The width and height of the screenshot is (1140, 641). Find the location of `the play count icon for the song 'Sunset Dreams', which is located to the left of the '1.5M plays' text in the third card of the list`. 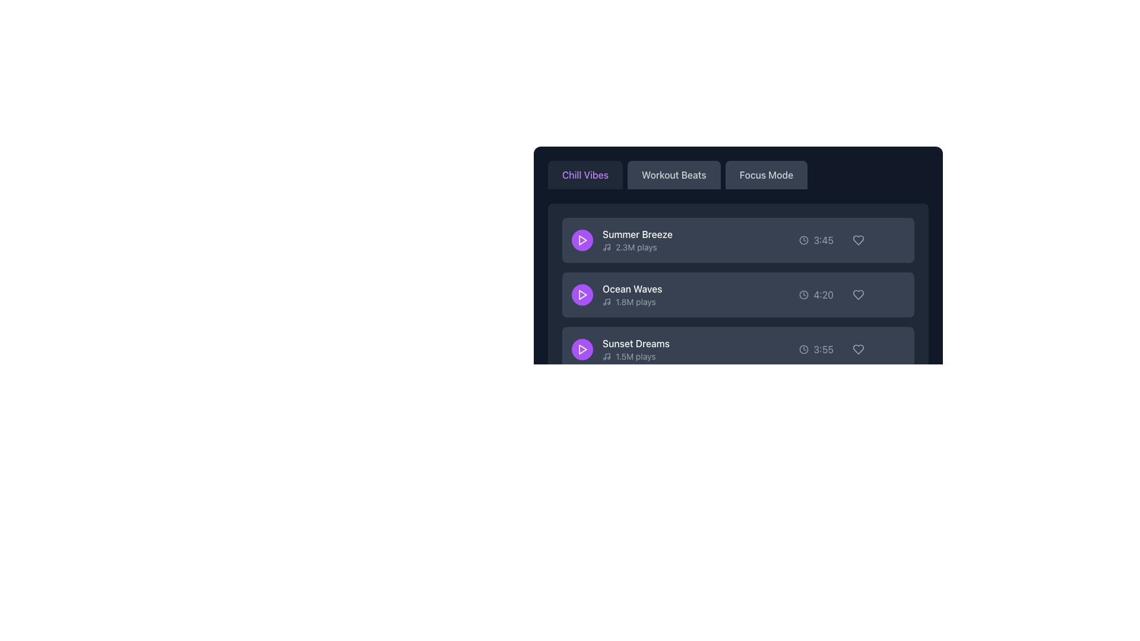

the play count icon for the song 'Sunset Dreams', which is located to the left of the '1.5M plays' text in the third card of the list is located at coordinates (607, 356).